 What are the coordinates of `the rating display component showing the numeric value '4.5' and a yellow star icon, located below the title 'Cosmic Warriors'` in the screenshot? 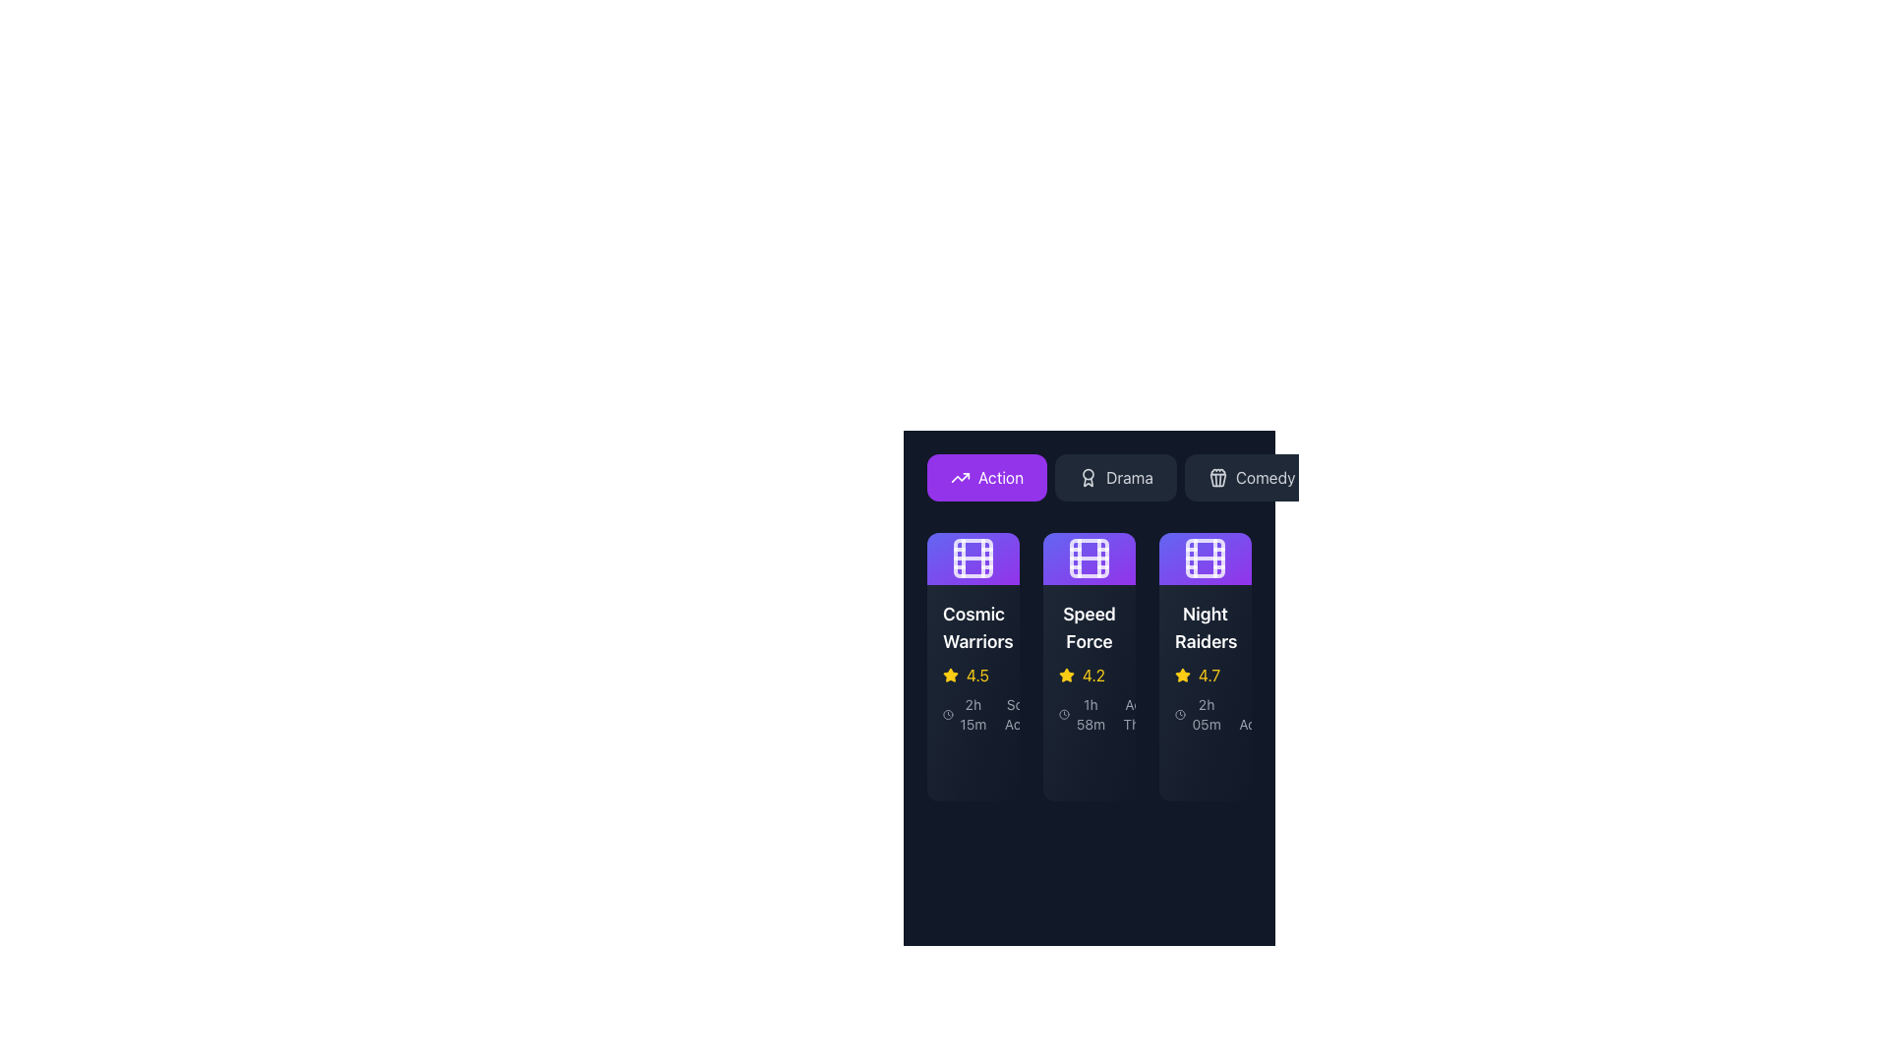 It's located at (973, 674).